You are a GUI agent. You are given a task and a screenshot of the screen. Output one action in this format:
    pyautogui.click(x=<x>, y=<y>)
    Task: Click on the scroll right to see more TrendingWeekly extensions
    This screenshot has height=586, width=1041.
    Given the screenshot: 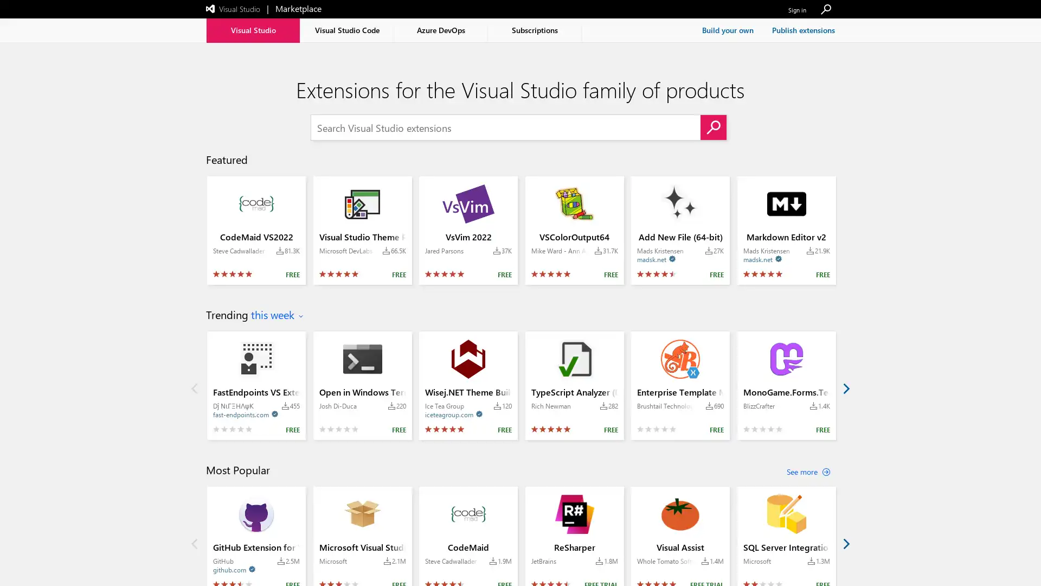 What is the action you would take?
    pyautogui.click(x=845, y=387)
    